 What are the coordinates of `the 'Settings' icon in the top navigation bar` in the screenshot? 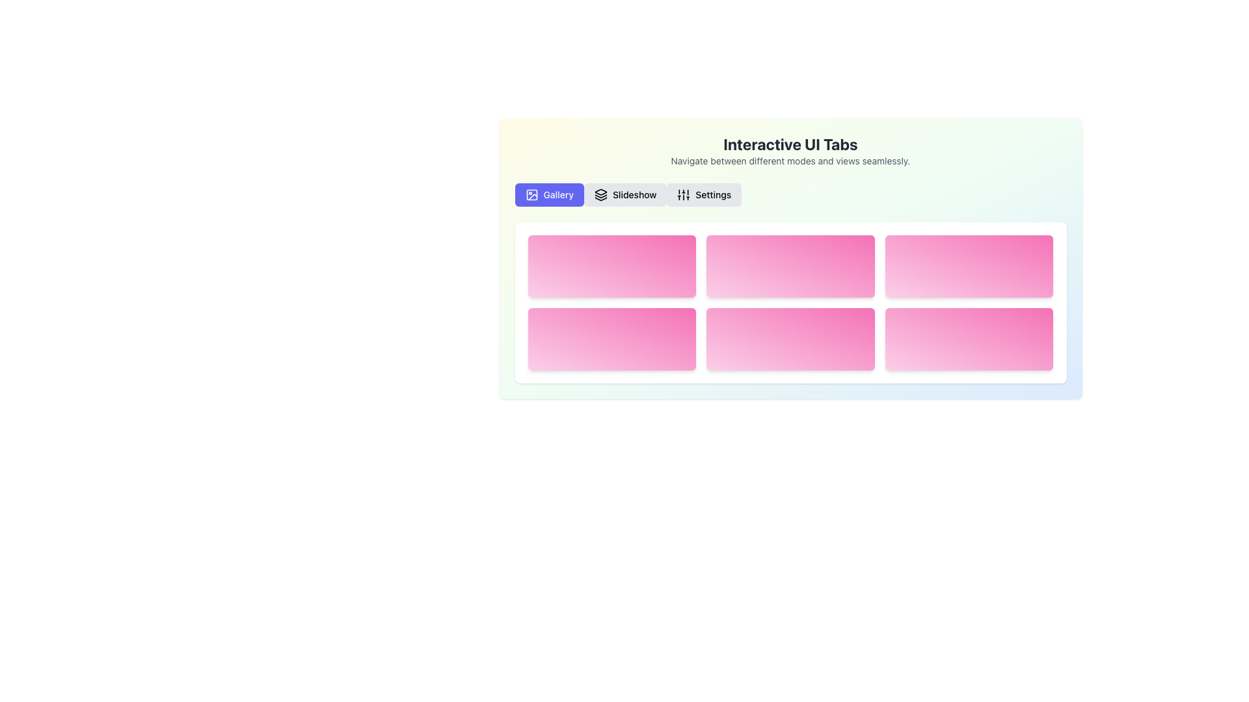 It's located at (683, 195).